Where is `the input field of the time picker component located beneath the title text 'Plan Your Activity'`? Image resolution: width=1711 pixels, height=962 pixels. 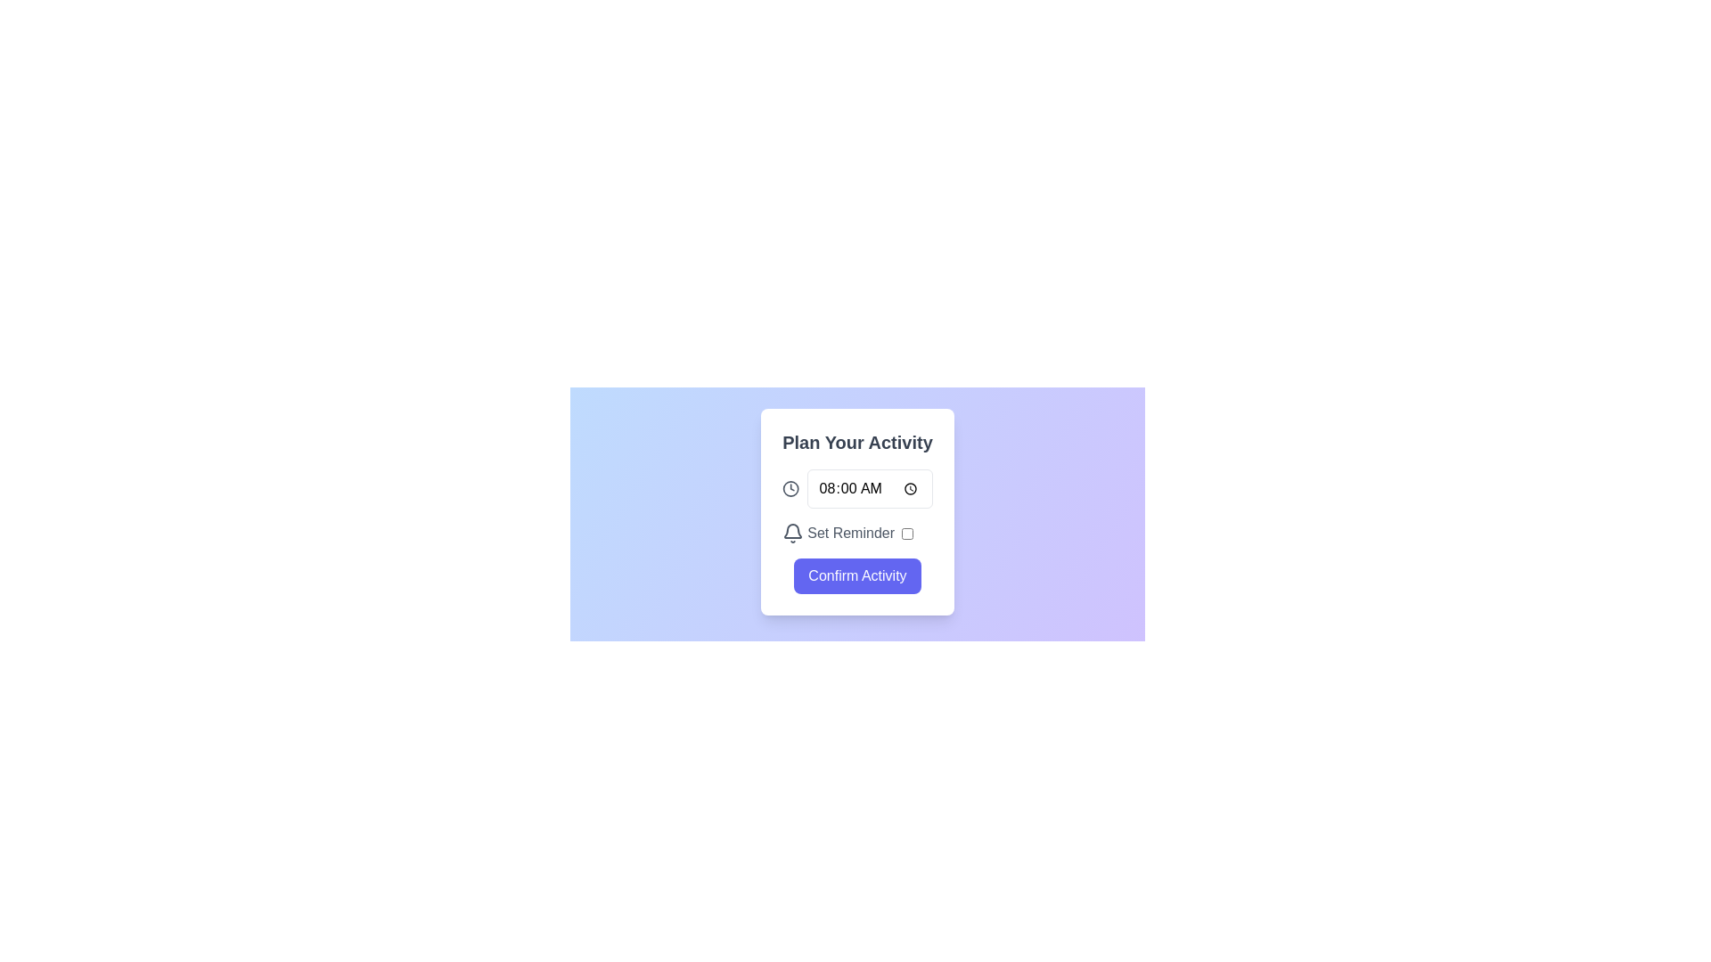 the input field of the time picker component located beneath the title text 'Plan Your Activity' is located at coordinates (857, 488).